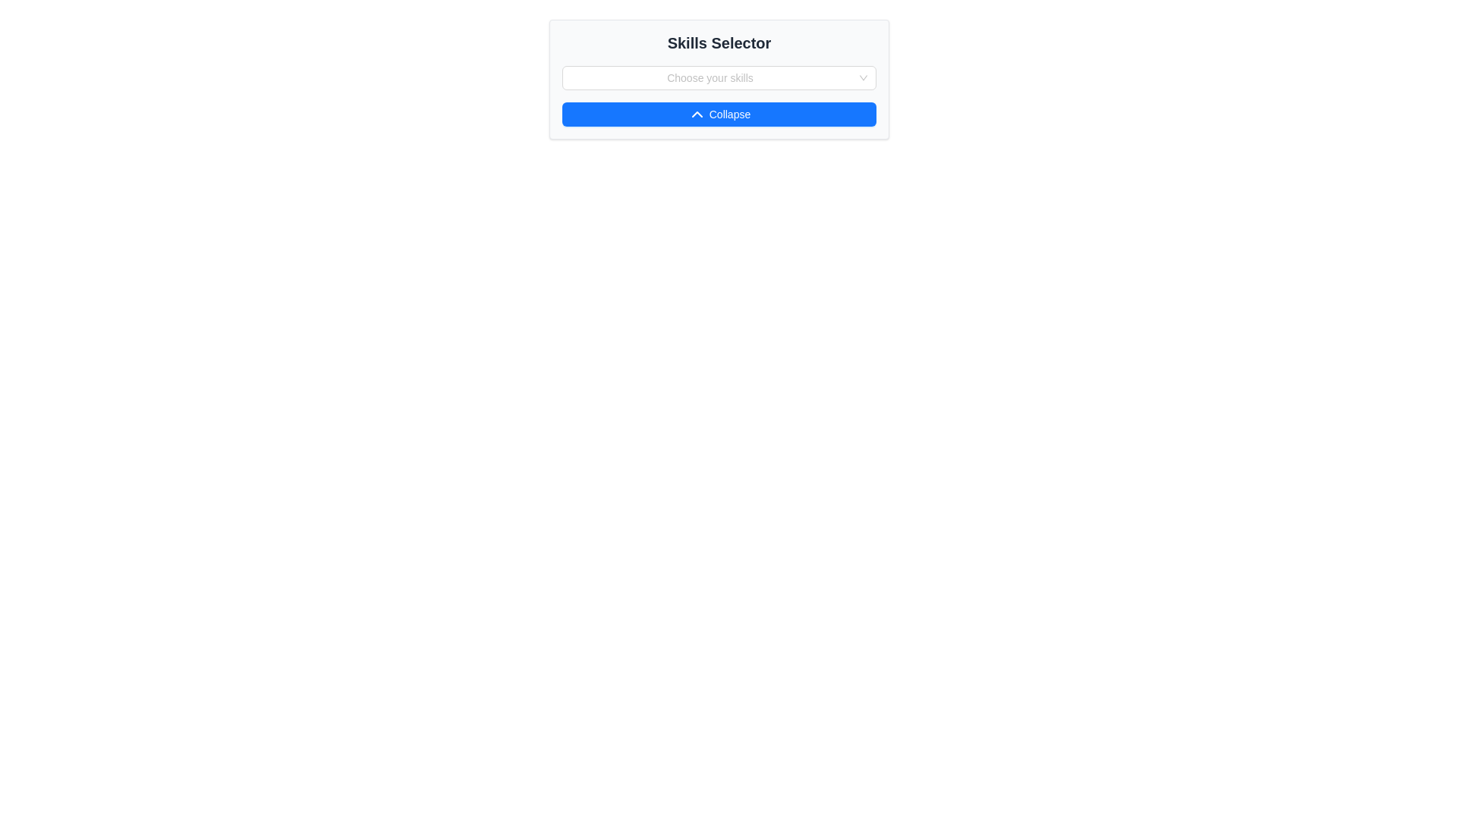 The width and height of the screenshot is (1457, 819). I want to click on the non-interactive visual placeholder next to the dropdown control in the skills selection panel labeled 'Choose your skills', so click(568, 78).